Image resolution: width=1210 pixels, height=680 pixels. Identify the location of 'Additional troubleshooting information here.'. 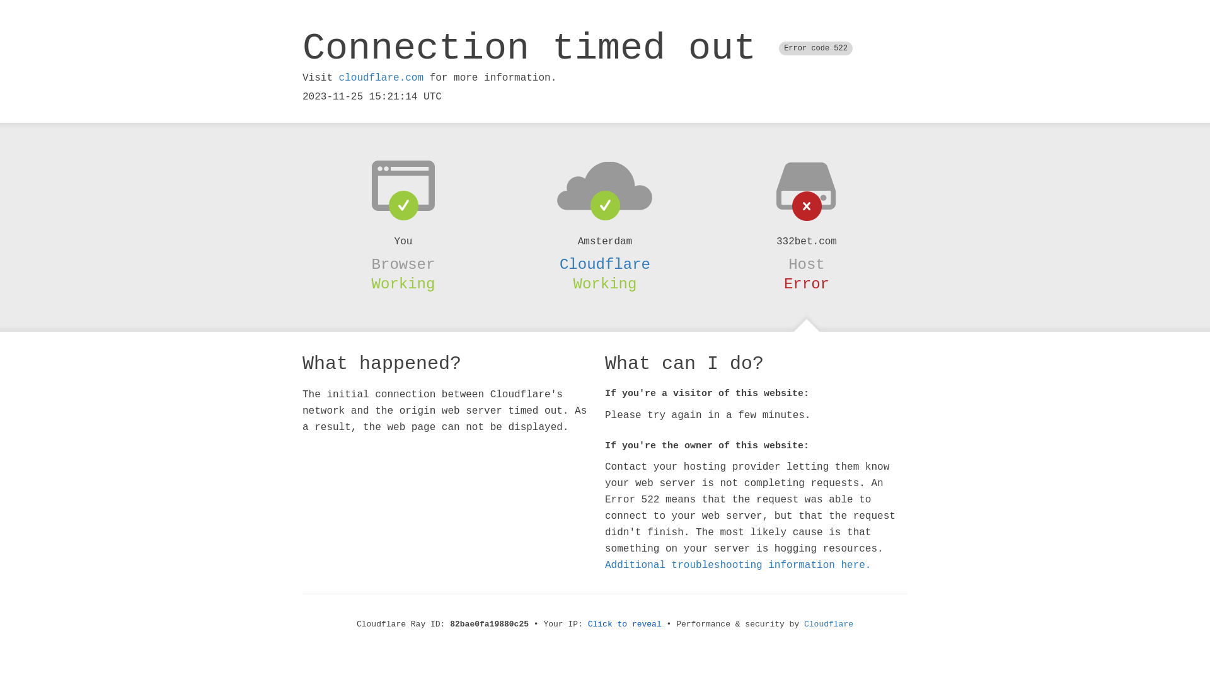
(738, 565).